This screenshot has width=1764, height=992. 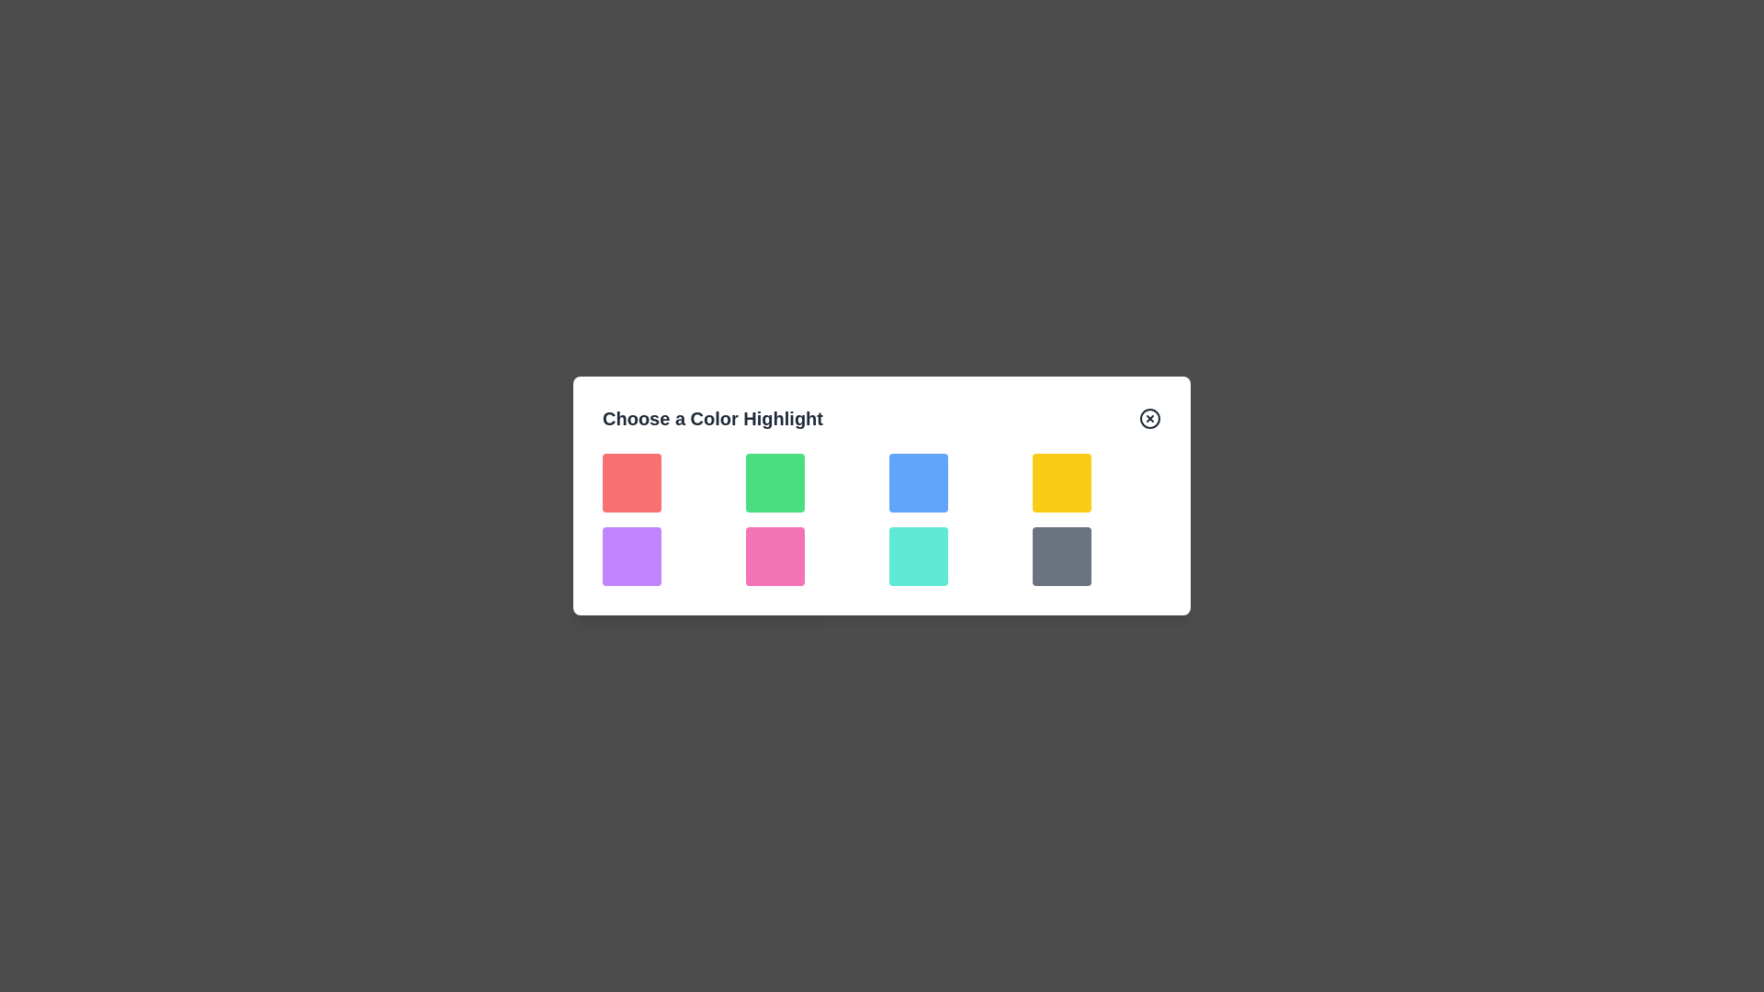 What do you see at coordinates (631, 555) in the screenshot?
I see `the color block corresponding to purple` at bounding box center [631, 555].